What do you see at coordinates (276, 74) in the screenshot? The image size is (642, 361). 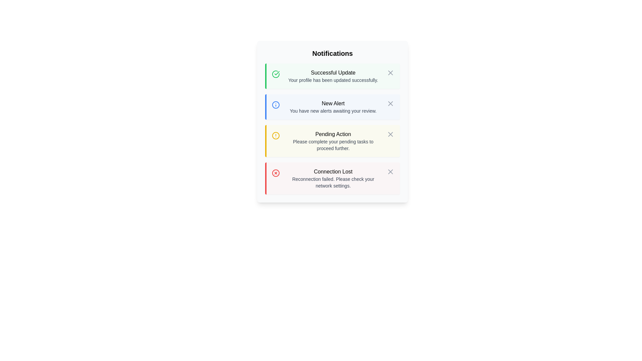 I see `the green circular icon with a checkmark symbol located at the top-left corner of the first notification item, aligned horizontally with the text 'Successful Update'` at bounding box center [276, 74].